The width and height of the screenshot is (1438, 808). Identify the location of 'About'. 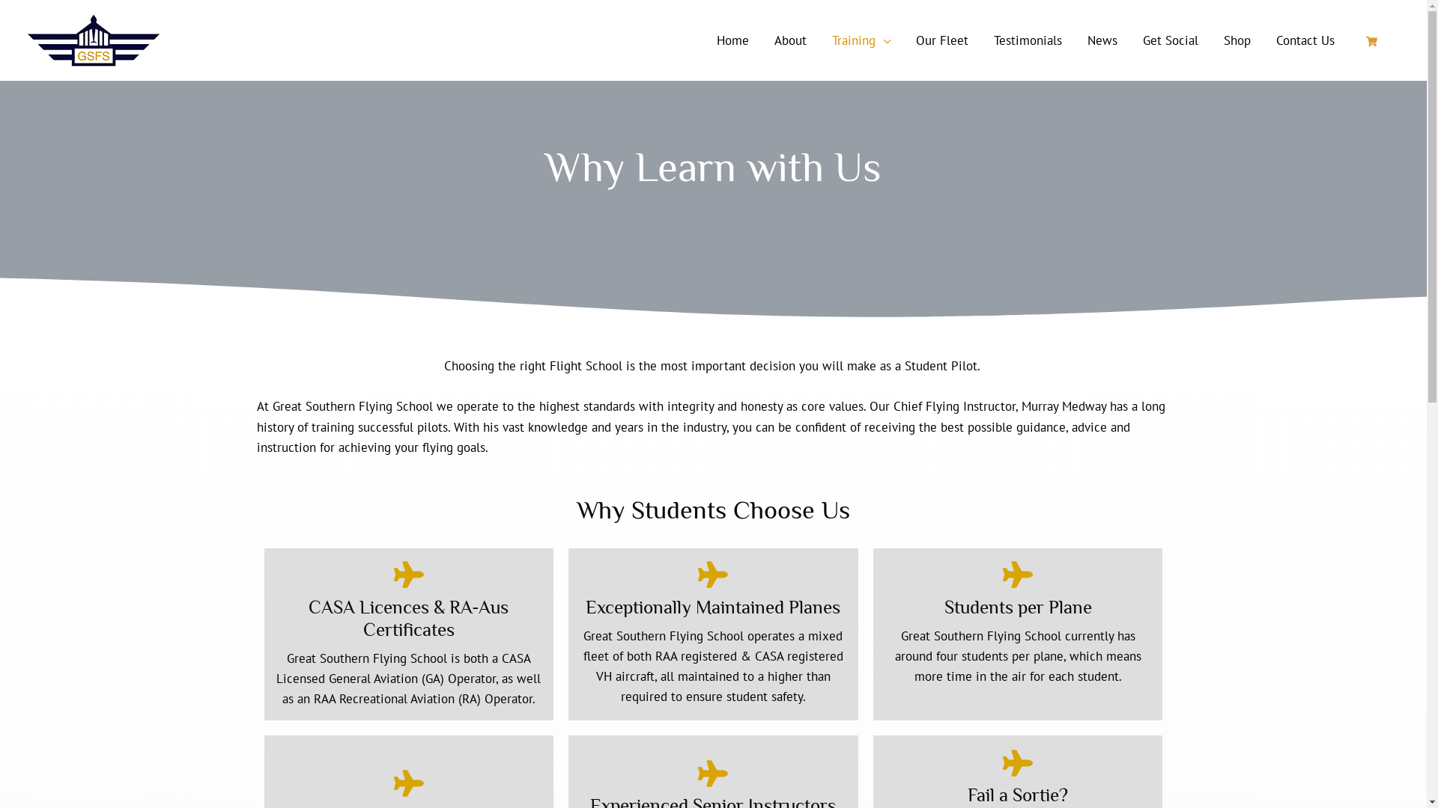
(761, 40).